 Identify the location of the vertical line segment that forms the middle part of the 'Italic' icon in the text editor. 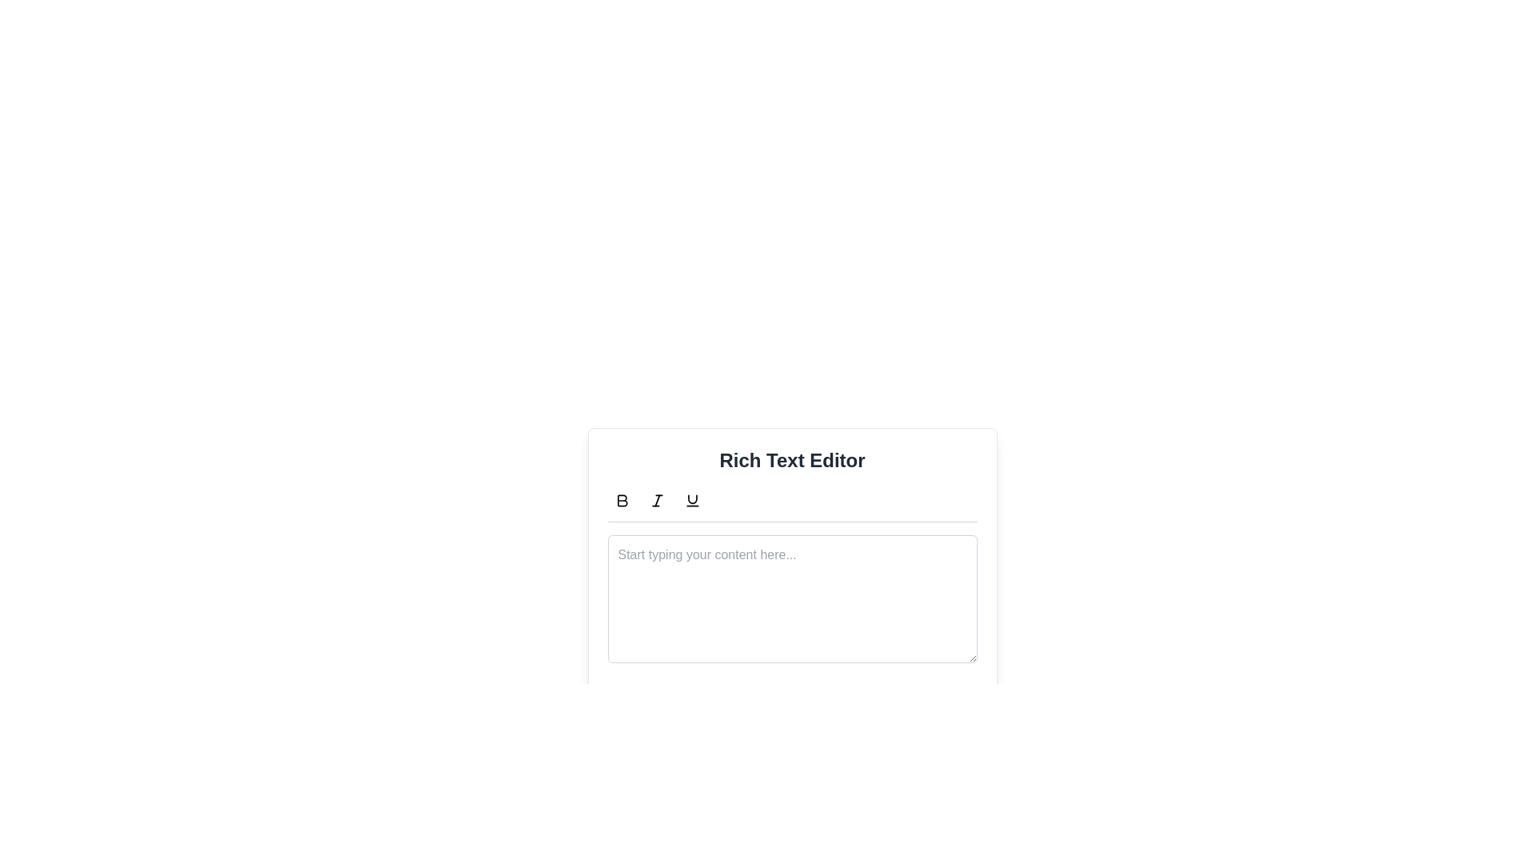
(657, 499).